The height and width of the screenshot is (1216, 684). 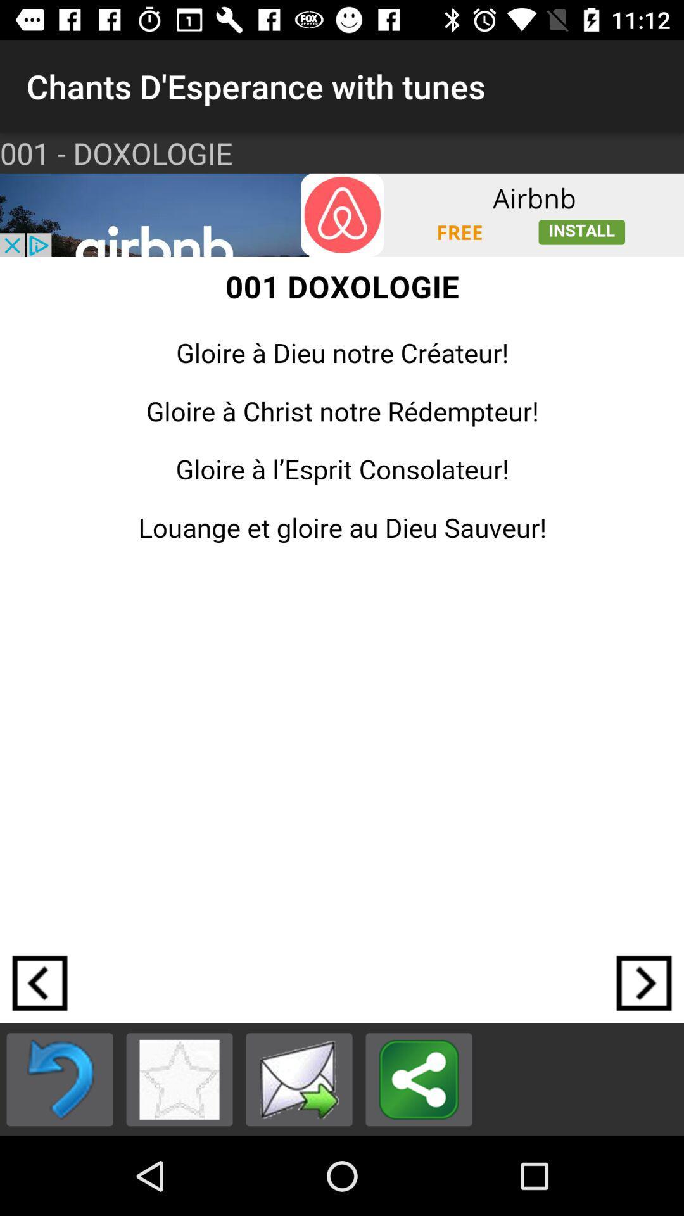 What do you see at coordinates (60, 1079) in the screenshot?
I see `previous` at bounding box center [60, 1079].